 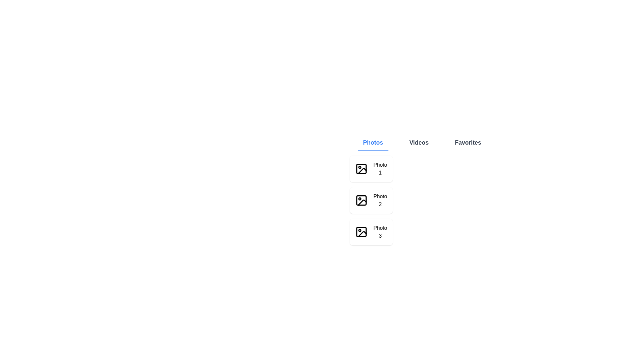 I want to click on the first photo thumbnail icon located under the 'Photos' tab, so click(x=361, y=168).